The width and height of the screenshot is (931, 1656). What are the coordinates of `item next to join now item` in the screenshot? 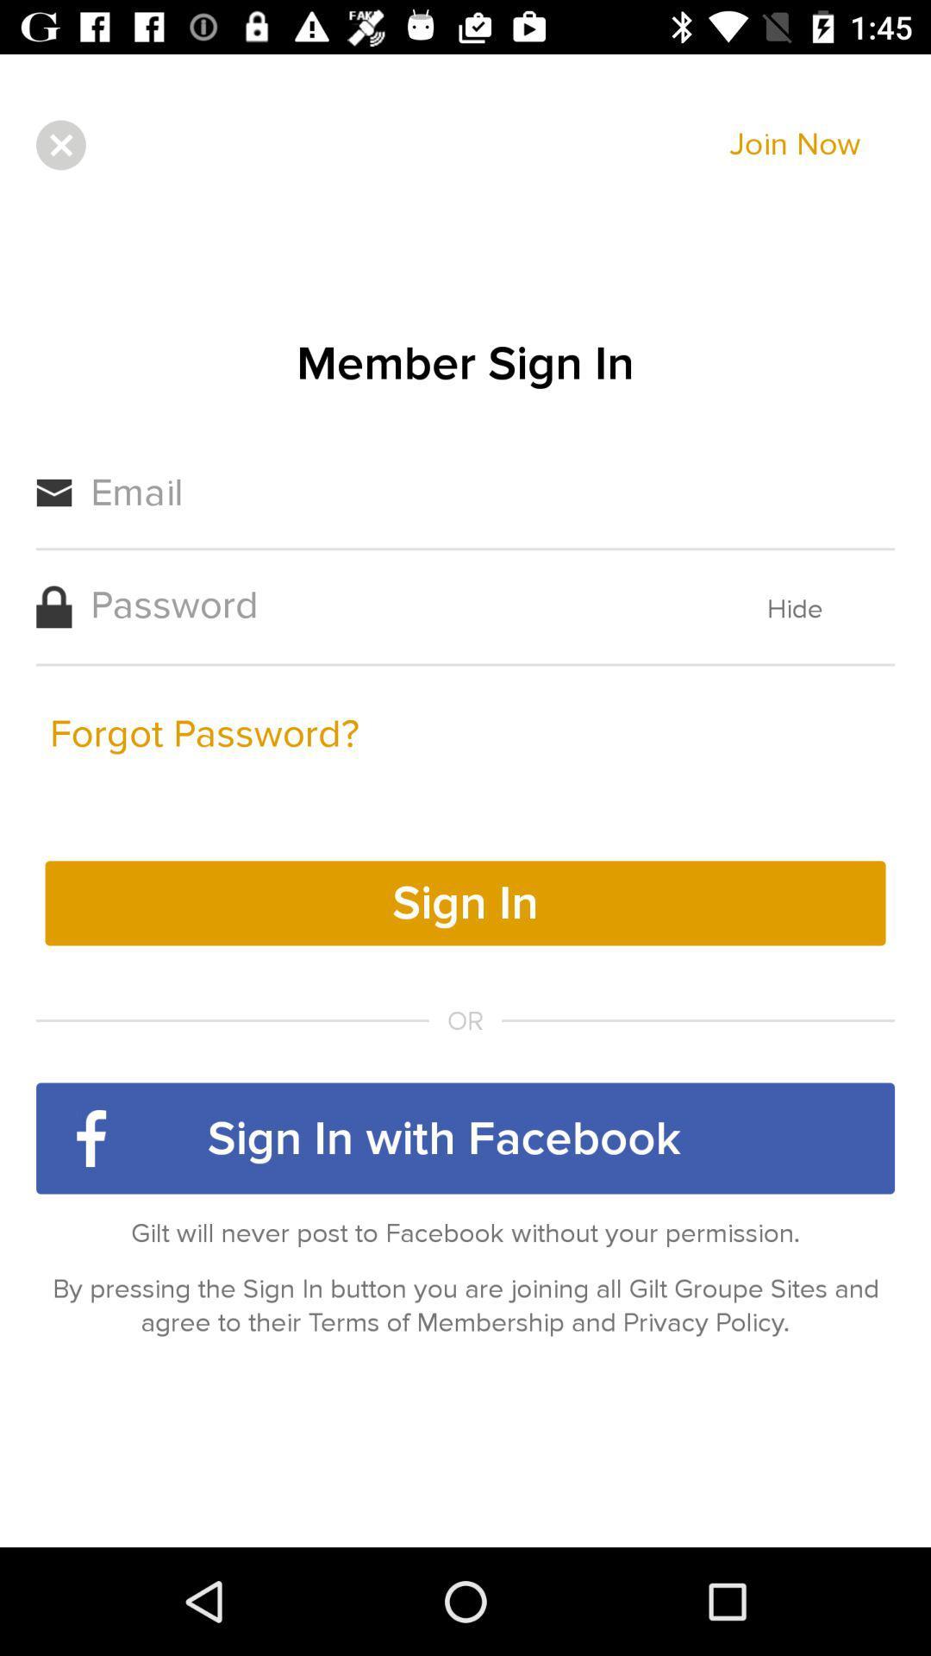 It's located at (59, 145).